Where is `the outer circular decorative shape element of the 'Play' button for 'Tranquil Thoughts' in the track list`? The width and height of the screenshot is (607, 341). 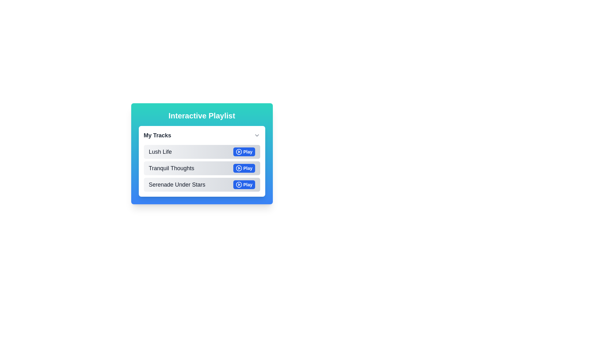 the outer circular decorative shape element of the 'Play' button for 'Tranquil Thoughts' in the track list is located at coordinates (238, 168).